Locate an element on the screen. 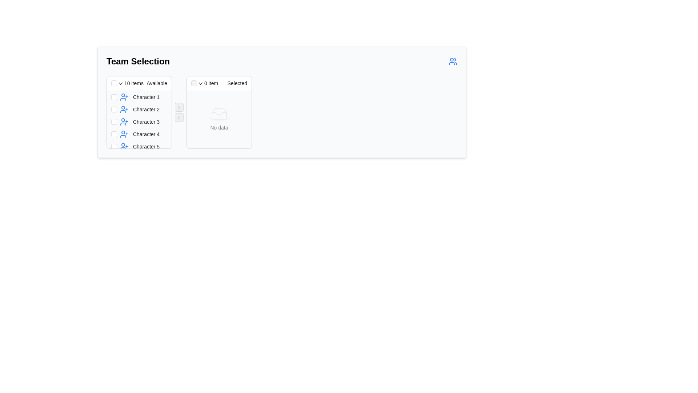 The width and height of the screenshot is (698, 393). the 'Character 2' text label located in the 'Team Selection' panel under the 'Available' section, which is the second item in a vertically aligned list is located at coordinates (146, 109).